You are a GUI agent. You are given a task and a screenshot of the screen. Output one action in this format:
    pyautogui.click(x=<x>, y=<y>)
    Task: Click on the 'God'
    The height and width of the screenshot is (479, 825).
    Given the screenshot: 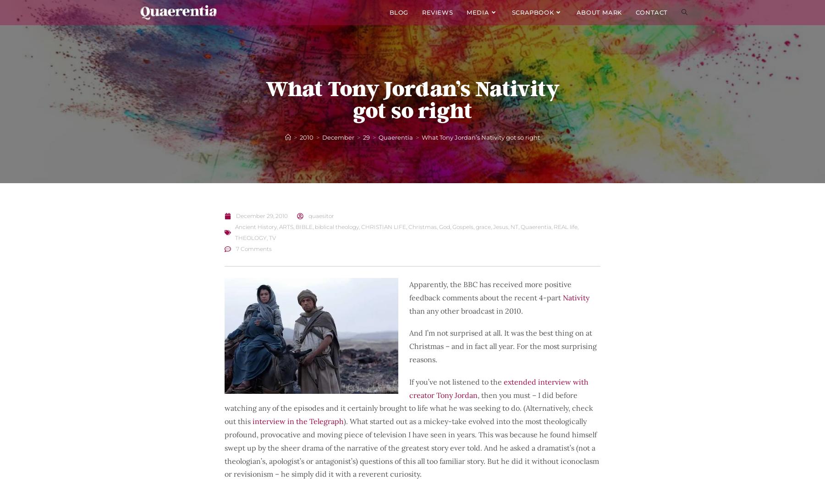 What is the action you would take?
    pyautogui.click(x=444, y=227)
    